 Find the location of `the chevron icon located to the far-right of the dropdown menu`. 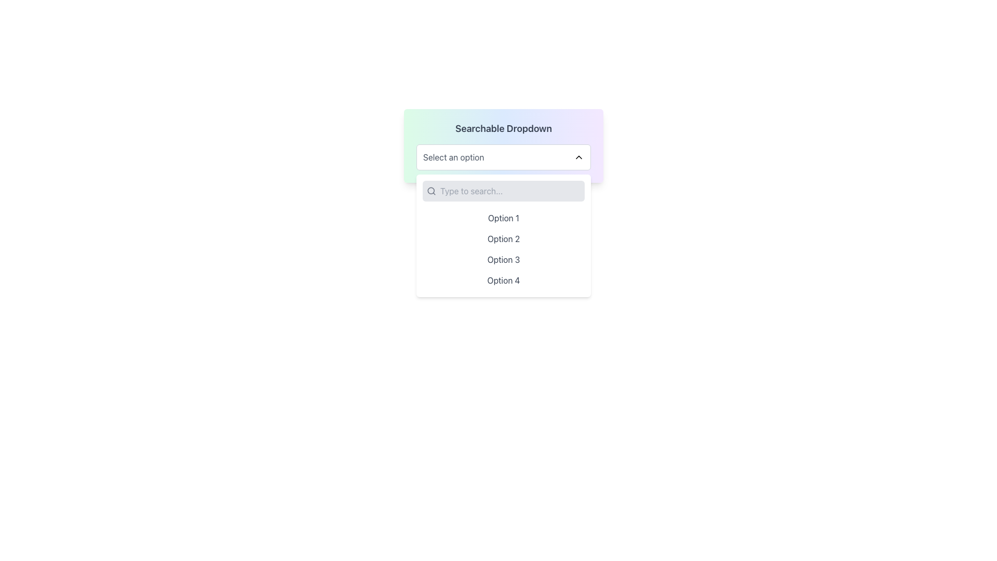

the chevron icon located to the far-right of the dropdown menu is located at coordinates (578, 157).